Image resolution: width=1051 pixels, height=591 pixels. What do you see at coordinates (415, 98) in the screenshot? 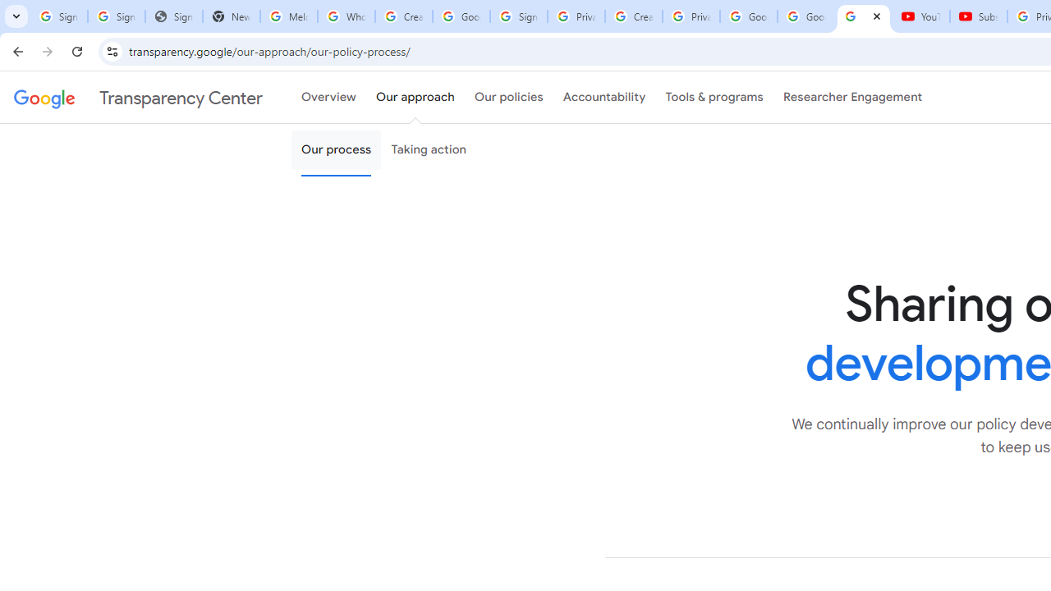
I see `'Our approach'` at bounding box center [415, 98].